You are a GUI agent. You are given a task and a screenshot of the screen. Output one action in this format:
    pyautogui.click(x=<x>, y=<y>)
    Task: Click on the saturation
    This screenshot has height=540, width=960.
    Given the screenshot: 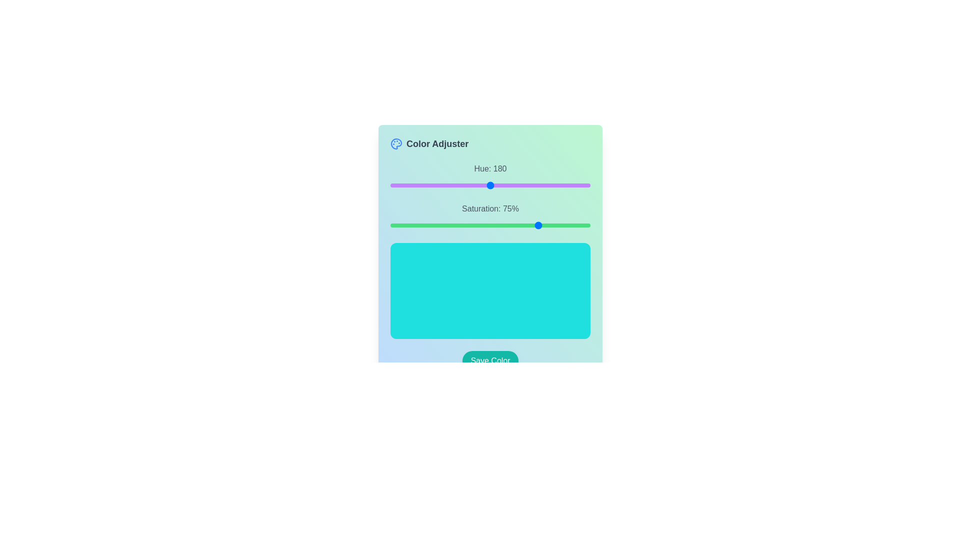 What is the action you would take?
    pyautogui.click(x=537, y=225)
    